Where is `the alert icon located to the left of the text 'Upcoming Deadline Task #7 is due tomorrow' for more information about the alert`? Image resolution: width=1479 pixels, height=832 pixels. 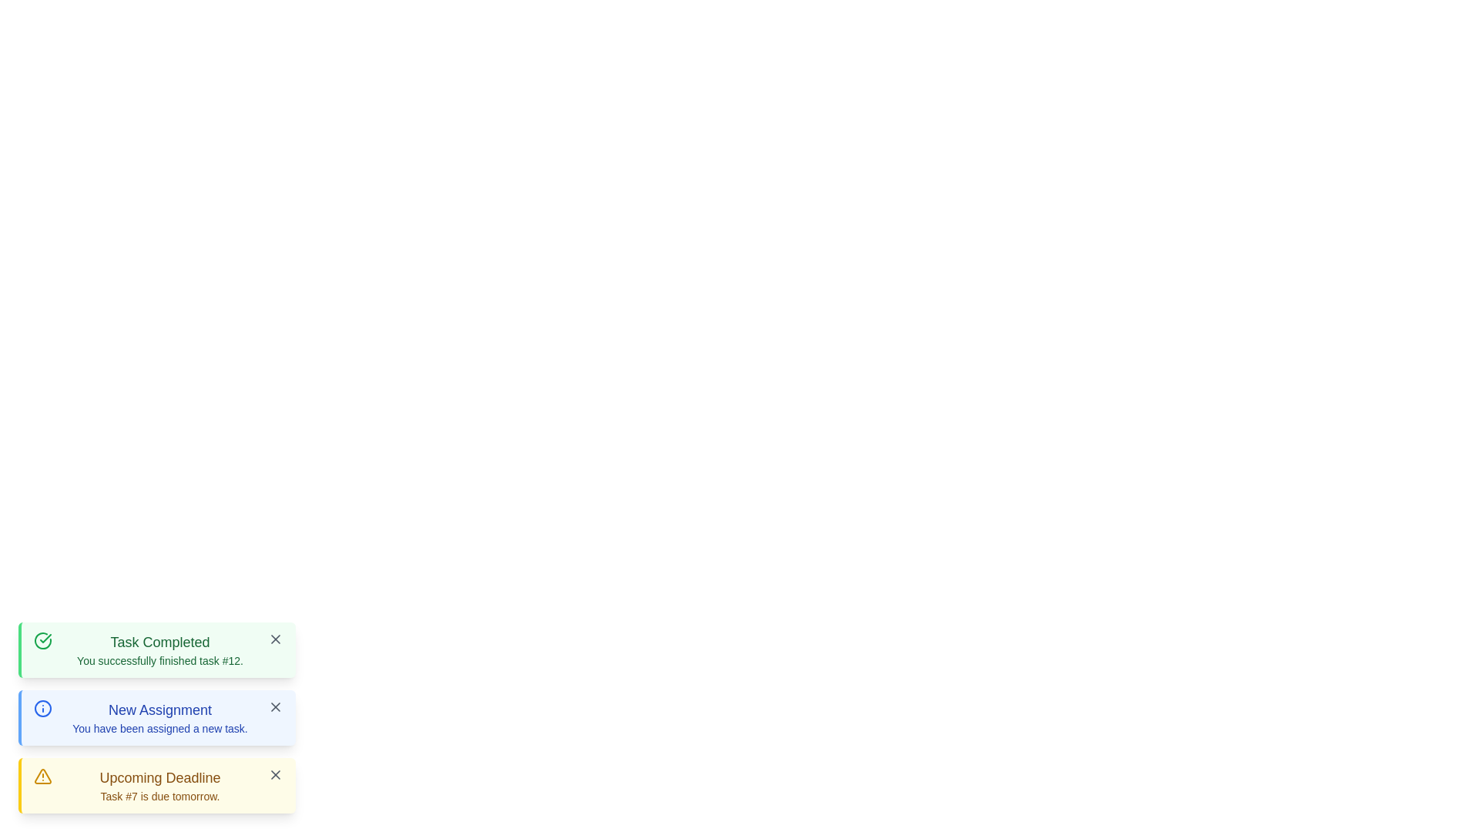
the alert icon located to the left of the text 'Upcoming Deadline Task #7 is due tomorrow' for more information about the alert is located at coordinates (43, 776).